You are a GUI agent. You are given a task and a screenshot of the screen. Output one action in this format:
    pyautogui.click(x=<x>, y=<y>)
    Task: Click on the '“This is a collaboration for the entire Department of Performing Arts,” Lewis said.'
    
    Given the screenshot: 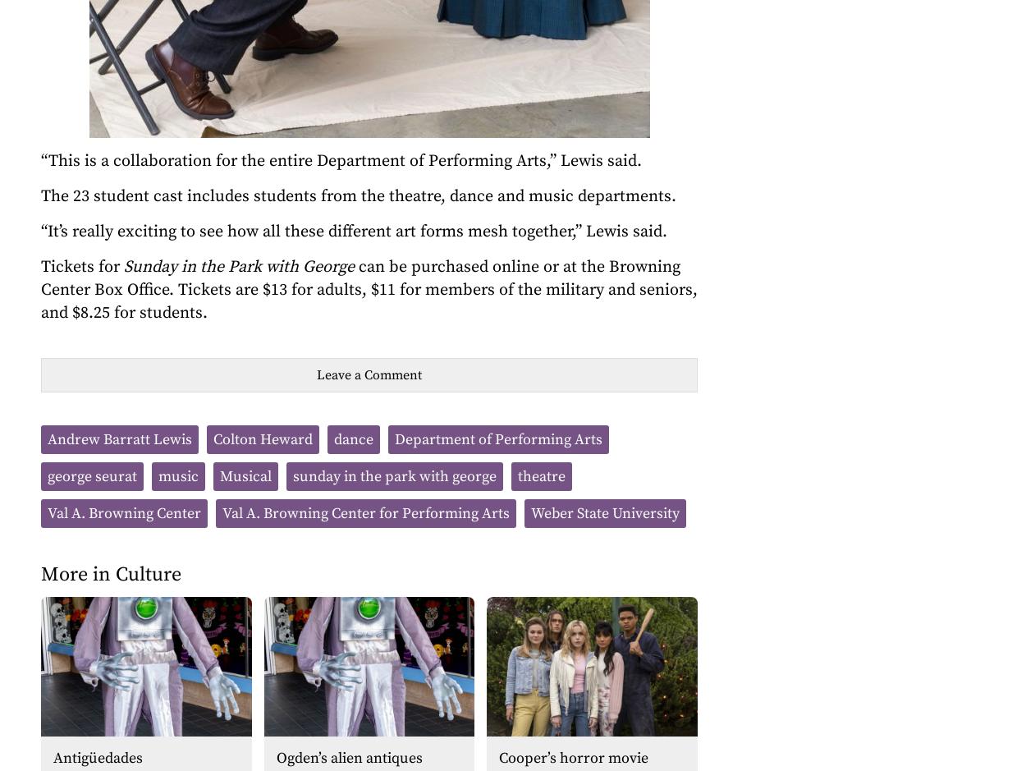 What is the action you would take?
    pyautogui.click(x=41, y=160)
    